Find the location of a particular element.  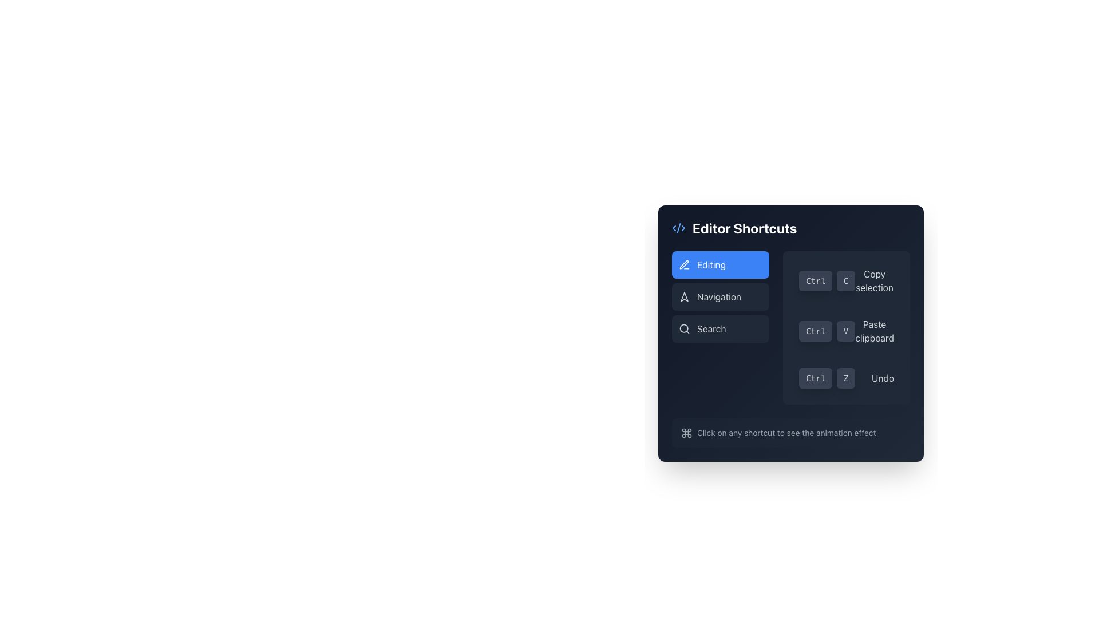

the 'Paste clipboard' shortcut button located in the lower-right portion of the 'Editor Shortcuts' panel, styled to resemble keyboard keys, and positioned above the 'Ctrl Z' shortcut for 'Undo' is located at coordinates (827, 331).